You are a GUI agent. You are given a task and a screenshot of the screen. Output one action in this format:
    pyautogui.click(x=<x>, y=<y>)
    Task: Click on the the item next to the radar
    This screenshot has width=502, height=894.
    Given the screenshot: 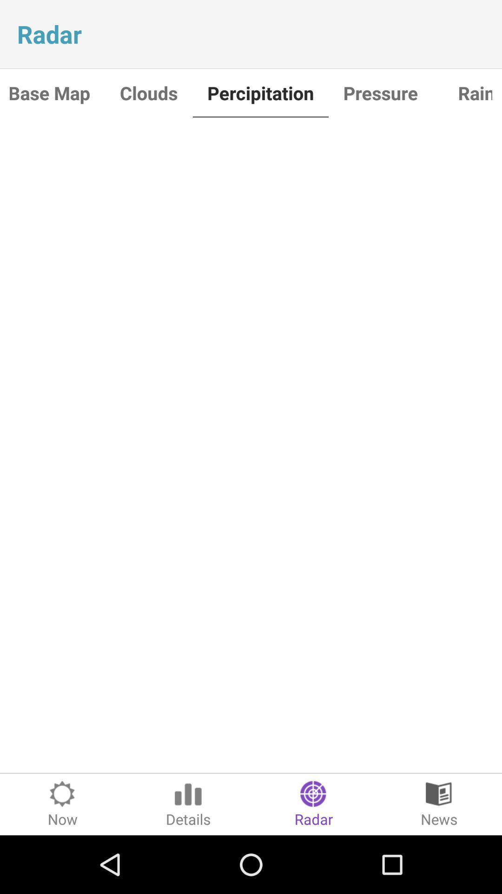 What is the action you would take?
    pyautogui.click(x=188, y=804)
    